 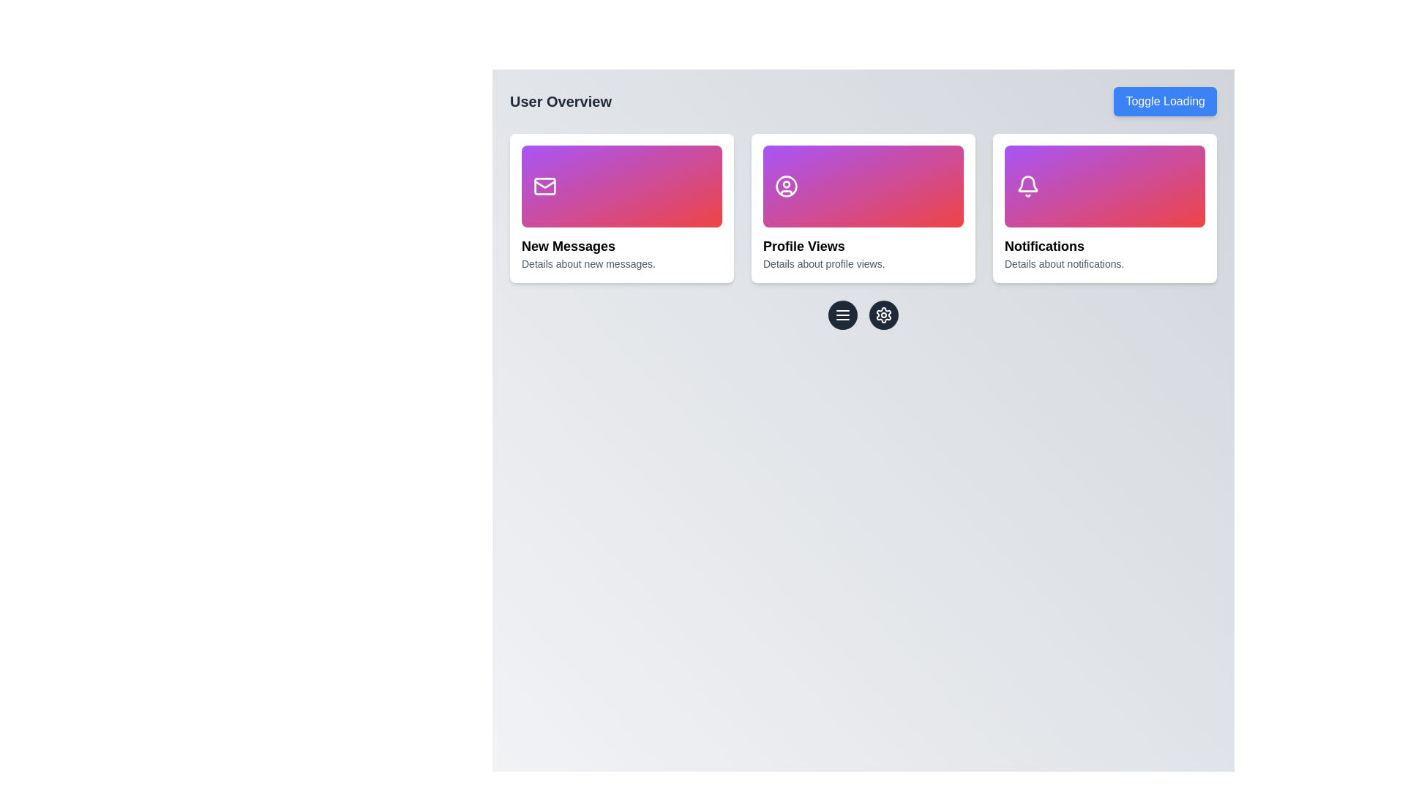 What do you see at coordinates (843, 315) in the screenshot?
I see `the horizontally-oriented triple-line menu icon button, which is styled with three evenly spaced horizontal lines in white against a black circular background, located centrally below the cards labeled 'New Messages', 'Profile Views', and 'Notifications'` at bounding box center [843, 315].